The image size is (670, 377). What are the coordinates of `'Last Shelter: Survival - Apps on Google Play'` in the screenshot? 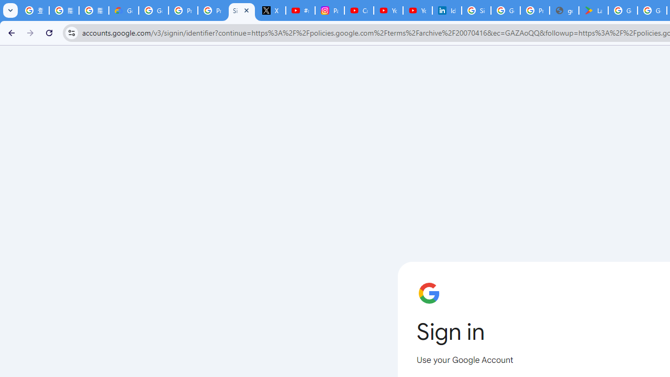 It's located at (594, 10).